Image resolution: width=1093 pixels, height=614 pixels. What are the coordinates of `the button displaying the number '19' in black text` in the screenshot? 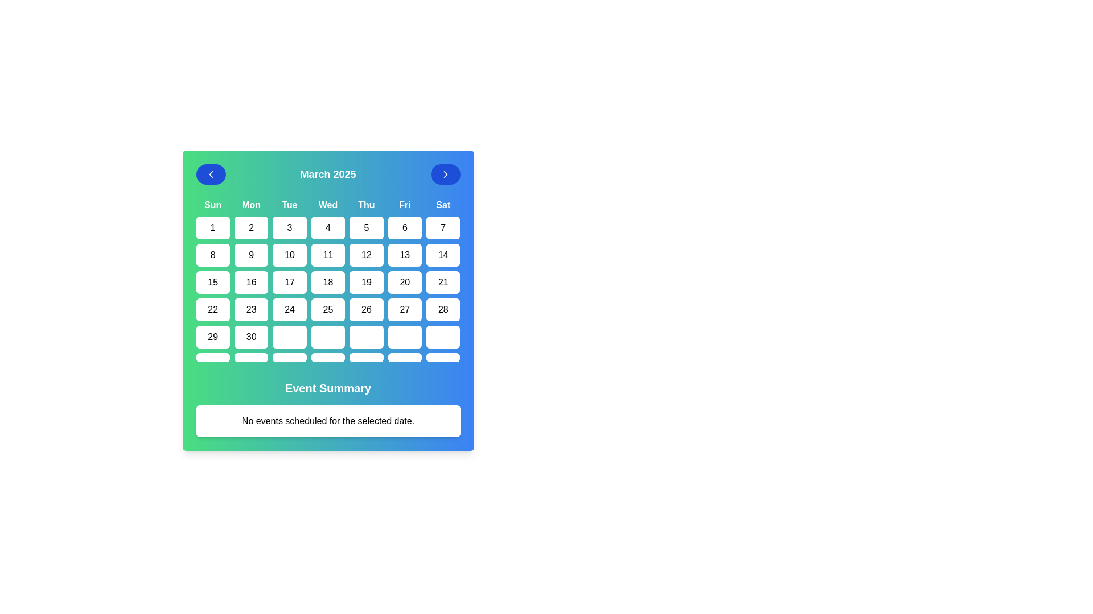 It's located at (366, 282).